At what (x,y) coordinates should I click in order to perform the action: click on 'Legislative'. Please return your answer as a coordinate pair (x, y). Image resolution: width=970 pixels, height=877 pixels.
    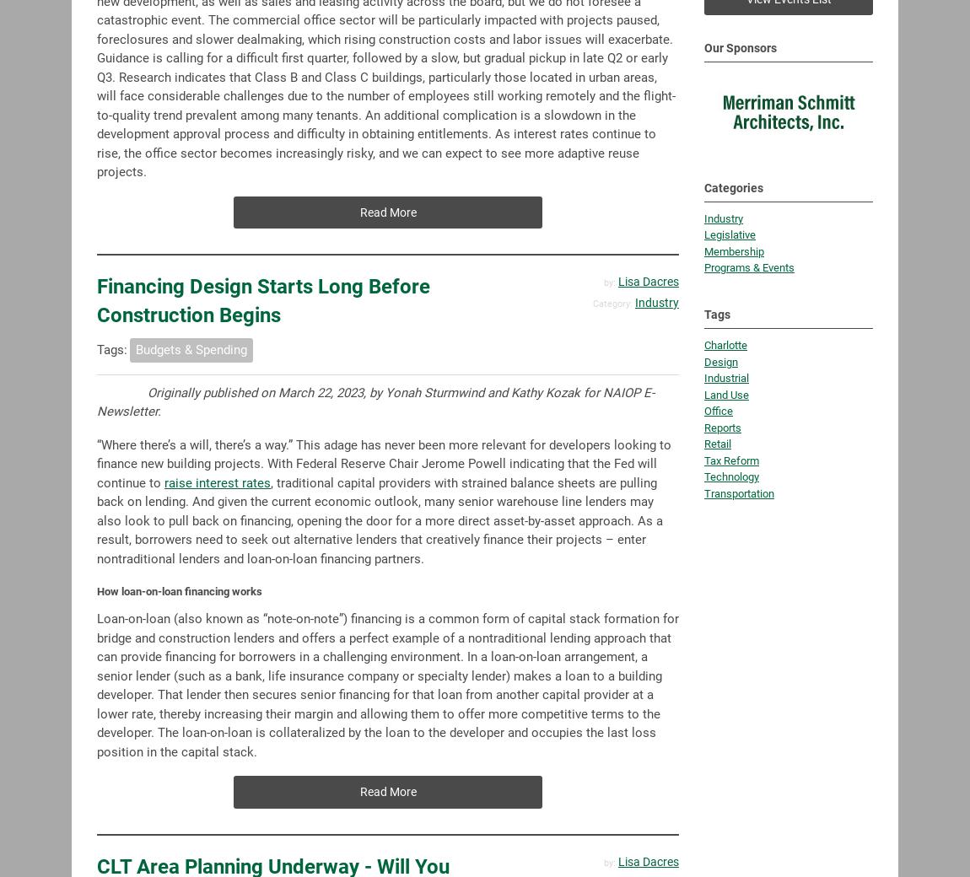
    Looking at the image, I should click on (730, 153).